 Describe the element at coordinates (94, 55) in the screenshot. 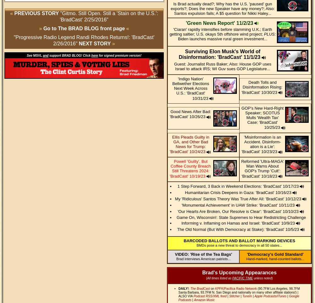

I see `'here'` at that location.